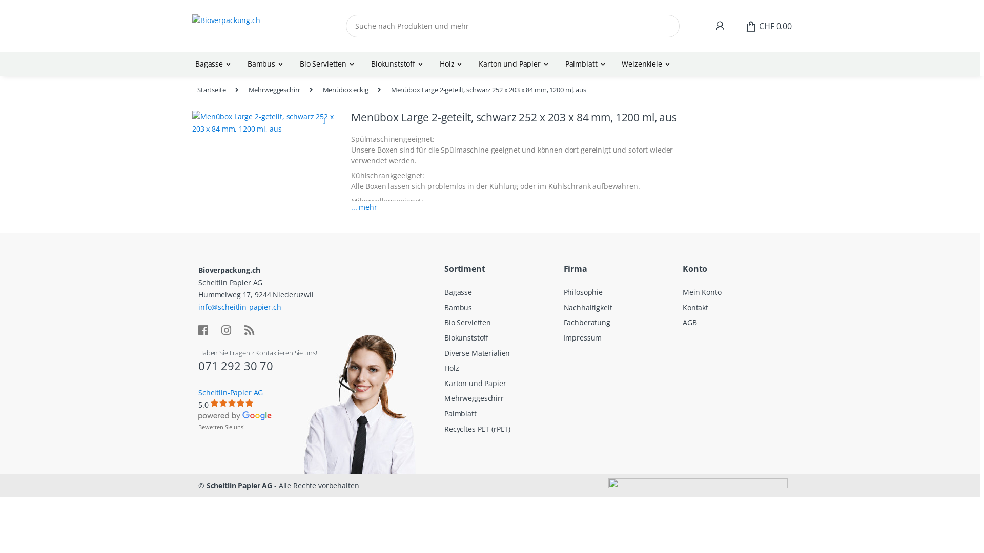 The width and height of the screenshot is (984, 553). What do you see at coordinates (198, 392) in the screenshot?
I see `'Scheitlin-Papier AG'` at bounding box center [198, 392].